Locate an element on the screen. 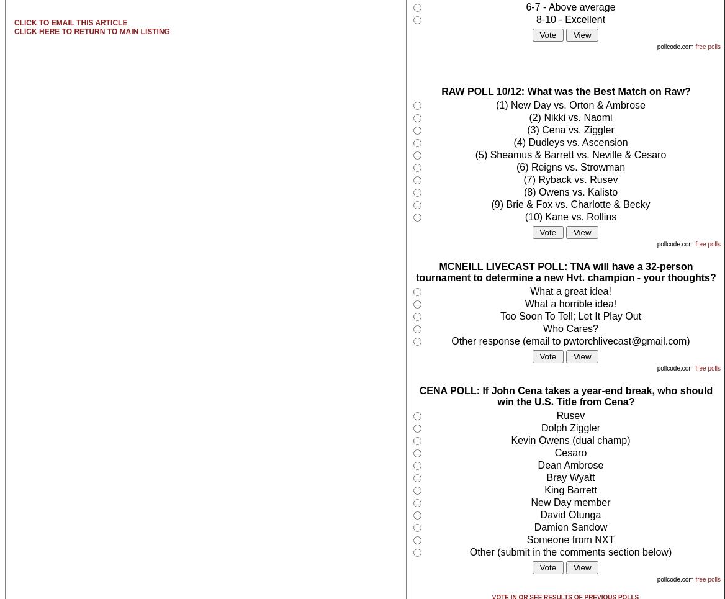  'Someone from NXT' is located at coordinates (570, 539).